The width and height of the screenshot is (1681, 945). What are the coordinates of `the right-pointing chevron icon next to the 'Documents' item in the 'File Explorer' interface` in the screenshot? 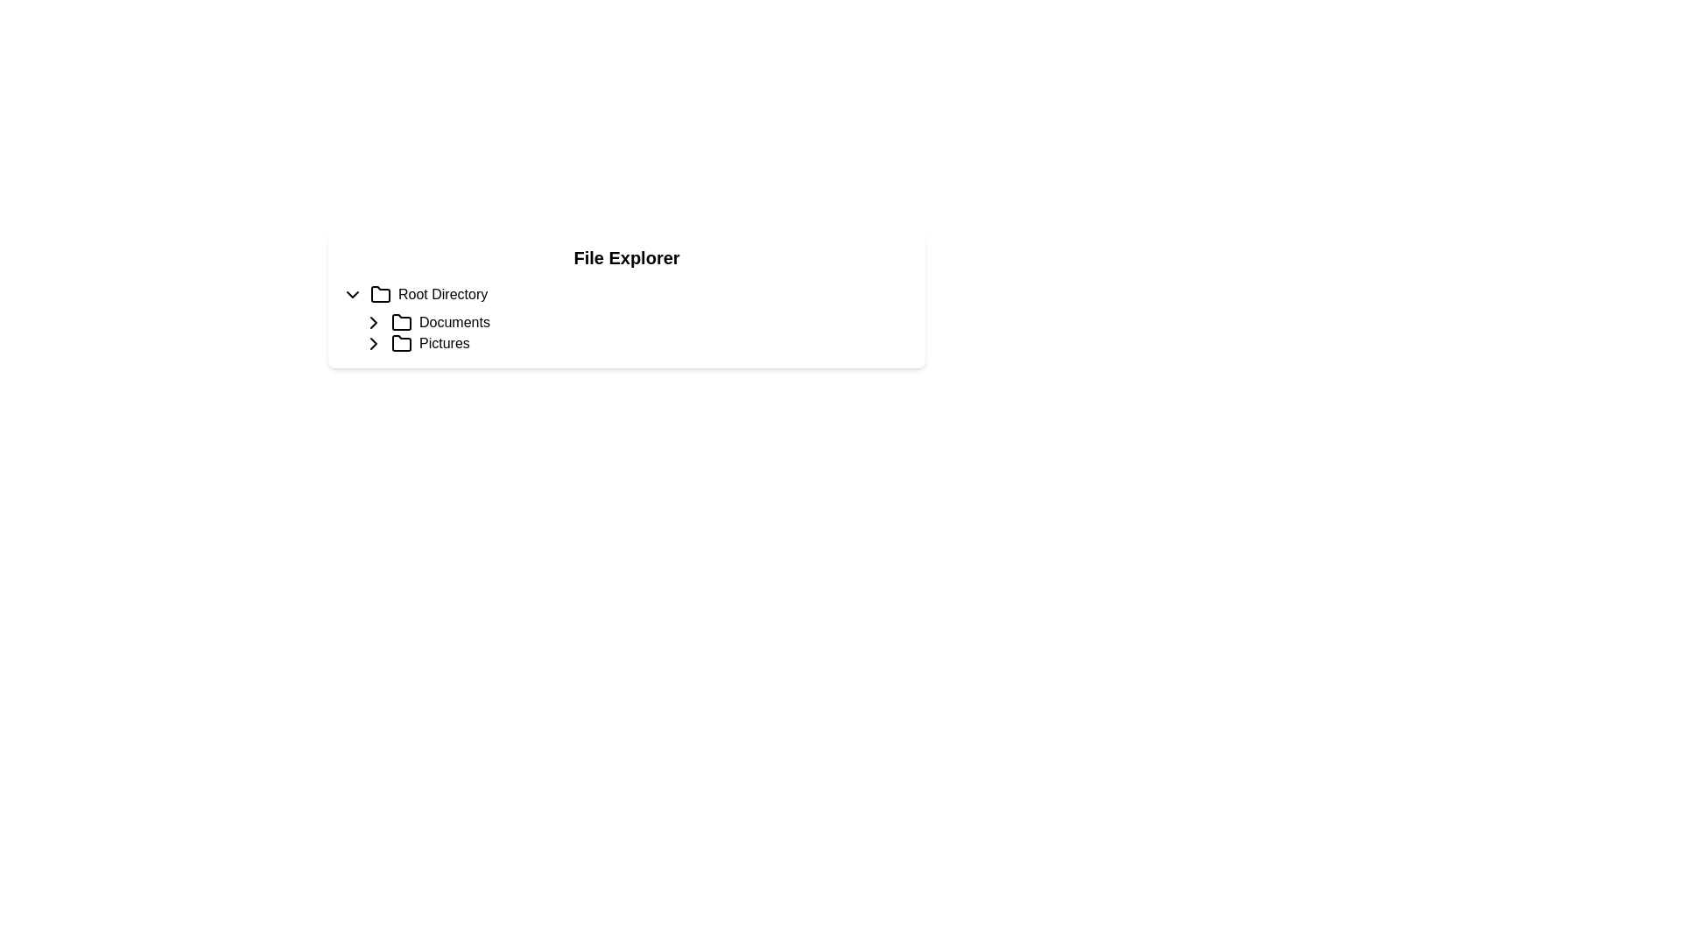 It's located at (373, 323).